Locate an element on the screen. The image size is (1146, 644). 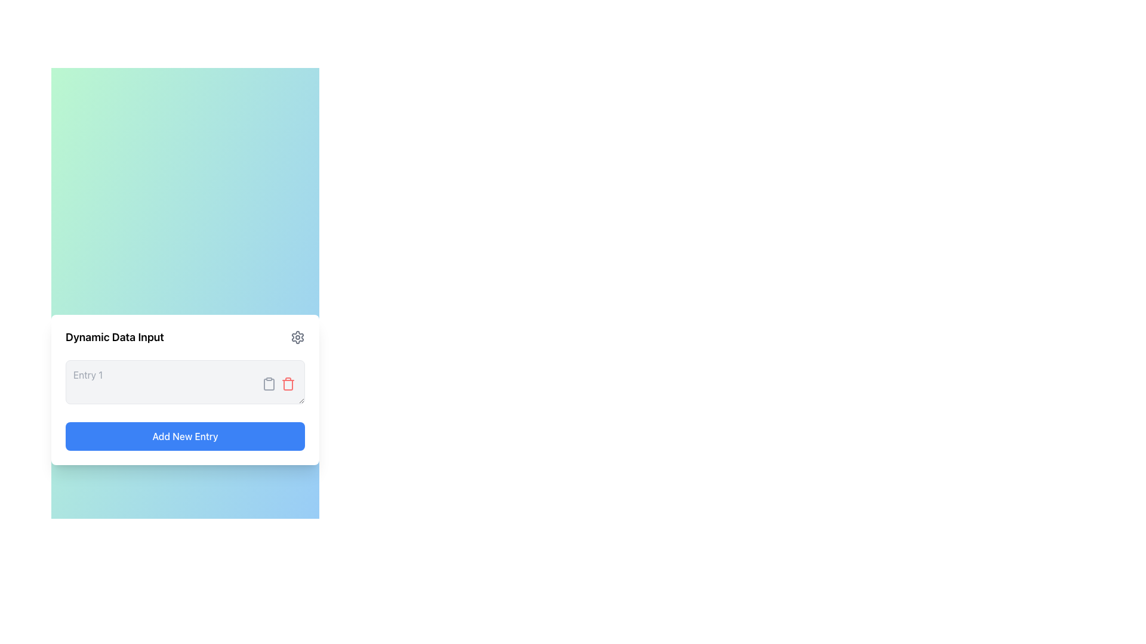
the Composite Component (Input Field with Action Icons) located within the 'Dynamic Data Input' card, which contains an input box and action icons is located at coordinates (184, 384).